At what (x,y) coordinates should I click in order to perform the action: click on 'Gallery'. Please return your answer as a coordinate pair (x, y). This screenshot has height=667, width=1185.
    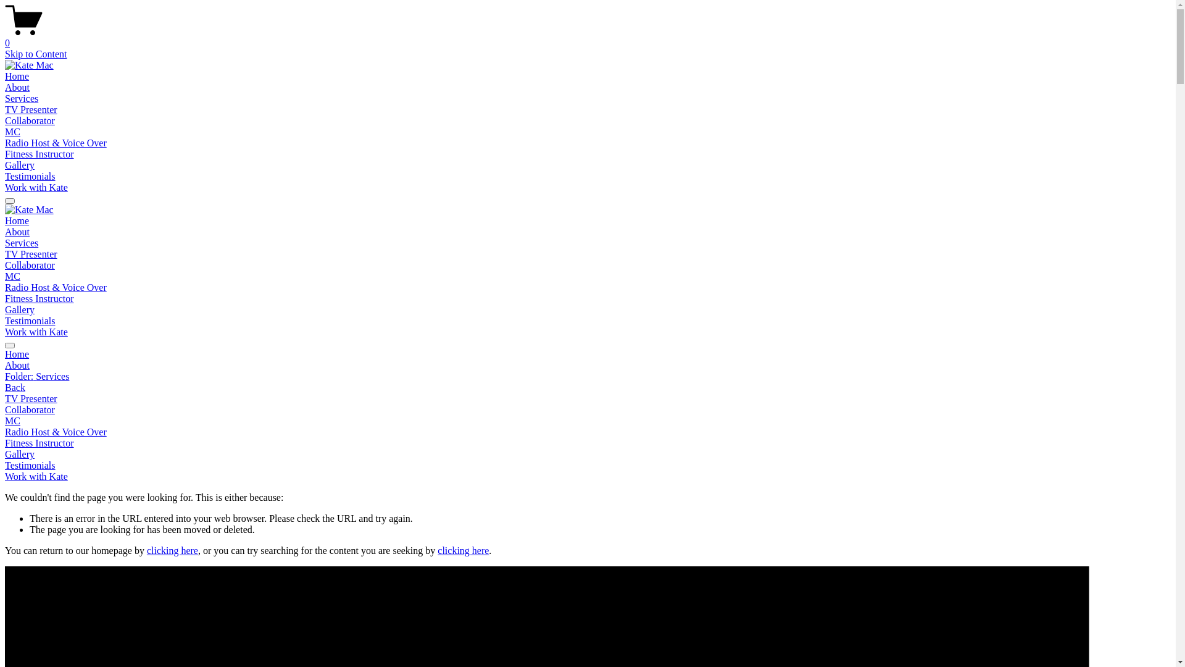
    Looking at the image, I should click on (5, 164).